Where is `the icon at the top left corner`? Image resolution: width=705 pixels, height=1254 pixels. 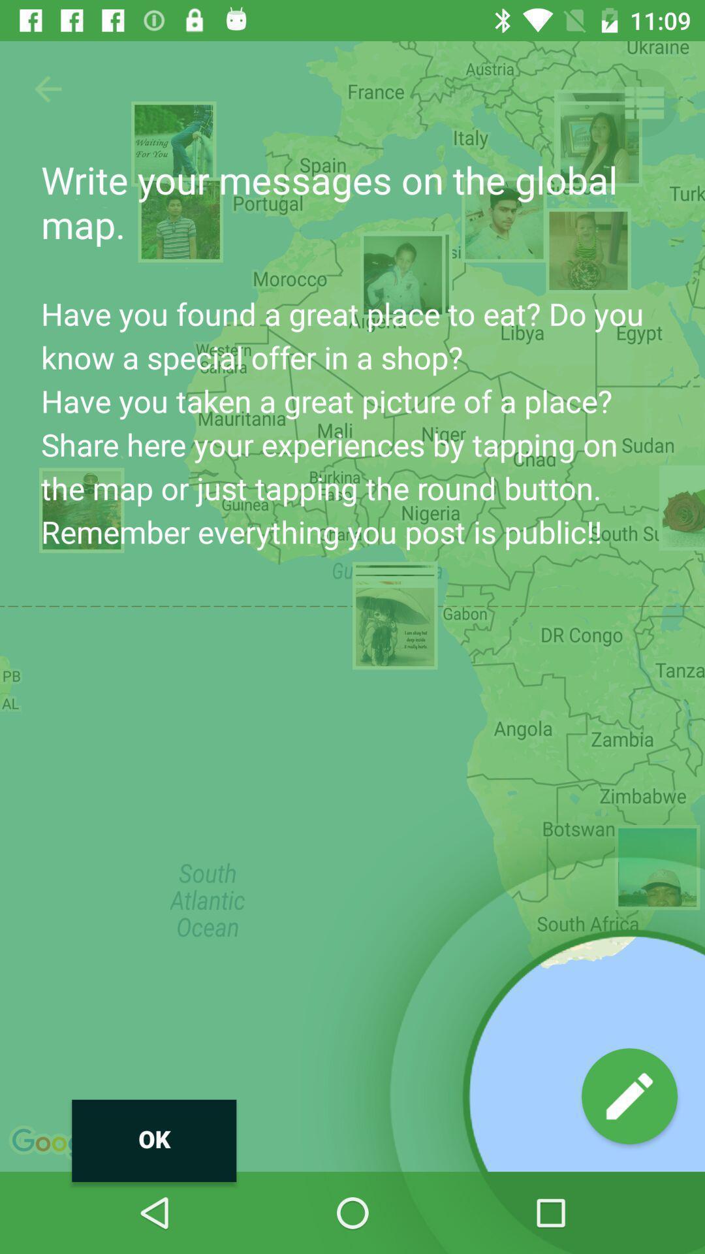
the icon at the top left corner is located at coordinates (47, 88).